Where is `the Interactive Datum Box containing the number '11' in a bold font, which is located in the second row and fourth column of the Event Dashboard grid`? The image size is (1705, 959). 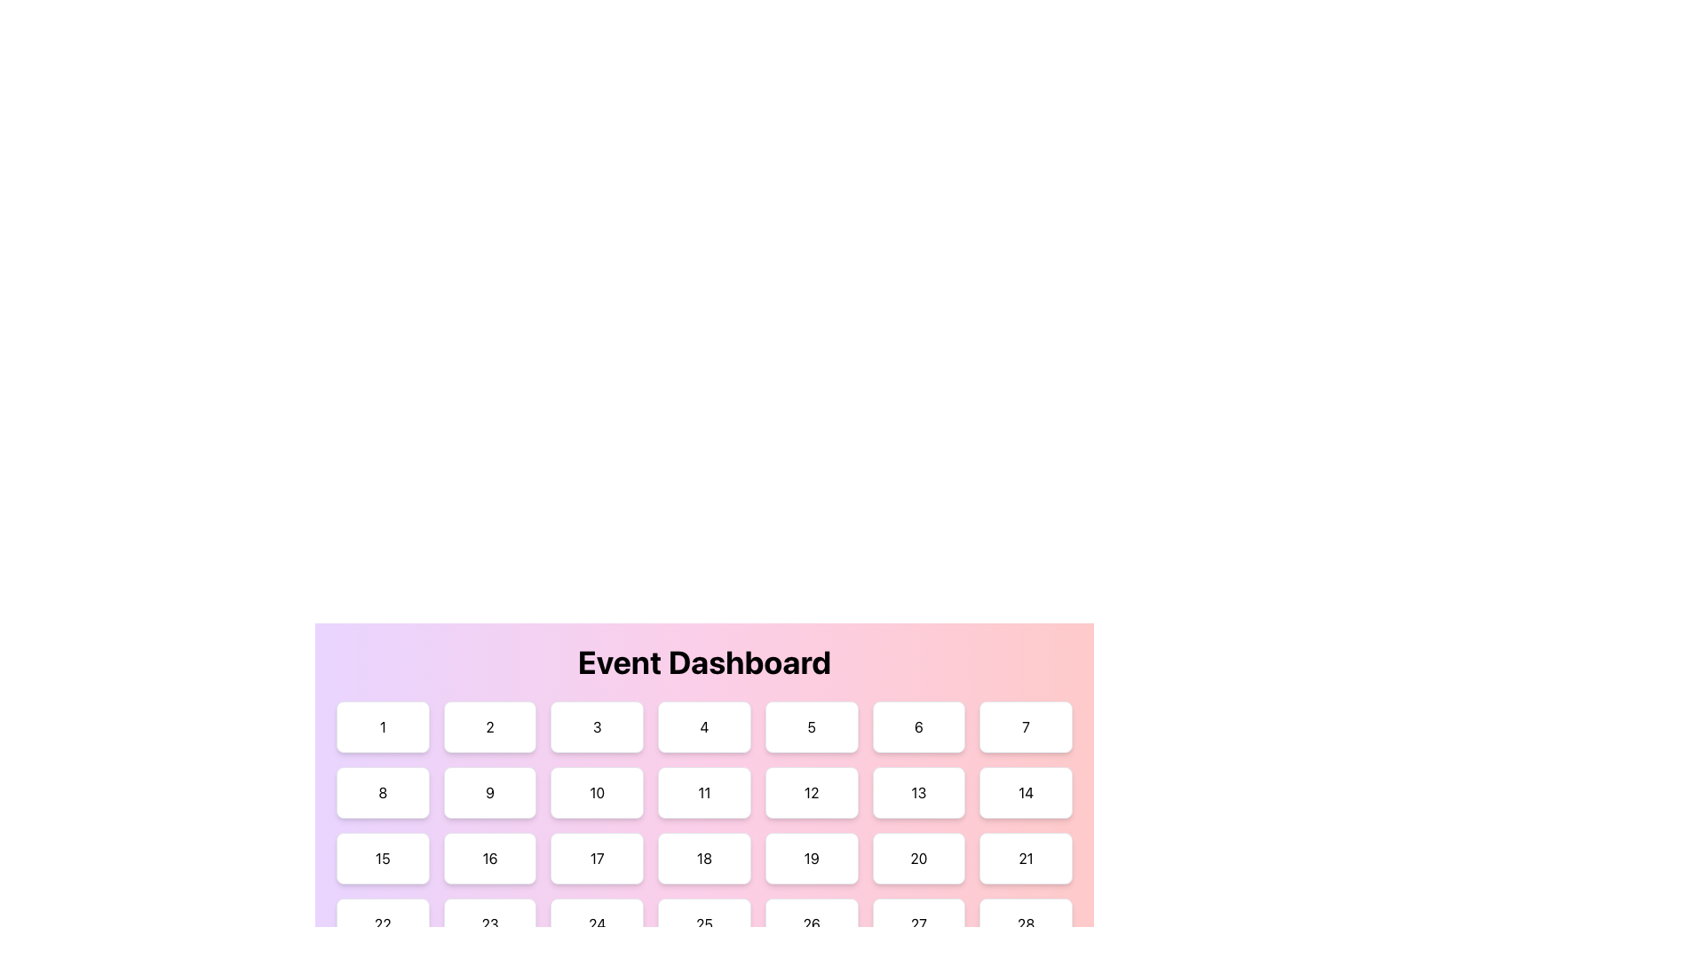
the Interactive Datum Box containing the number '11' in a bold font, which is located in the second row and fourth column of the Event Dashboard grid is located at coordinates (703, 763).